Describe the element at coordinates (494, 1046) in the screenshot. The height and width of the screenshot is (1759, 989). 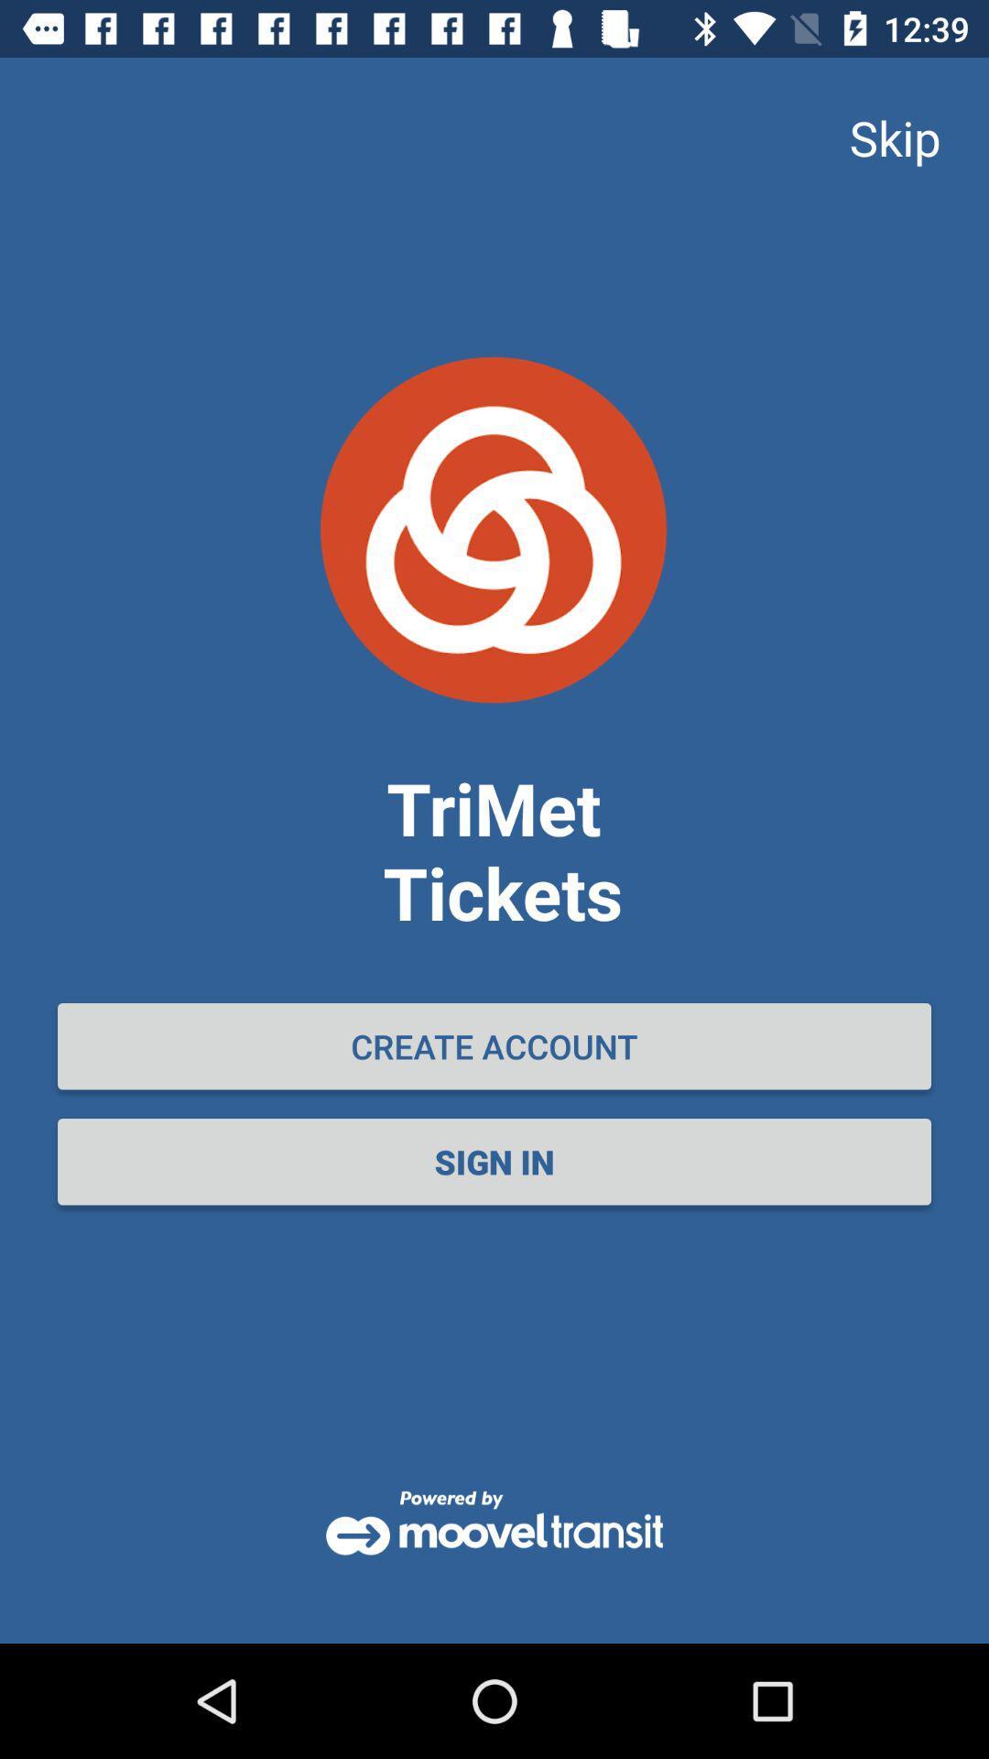
I see `the icon below the trimet` at that location.